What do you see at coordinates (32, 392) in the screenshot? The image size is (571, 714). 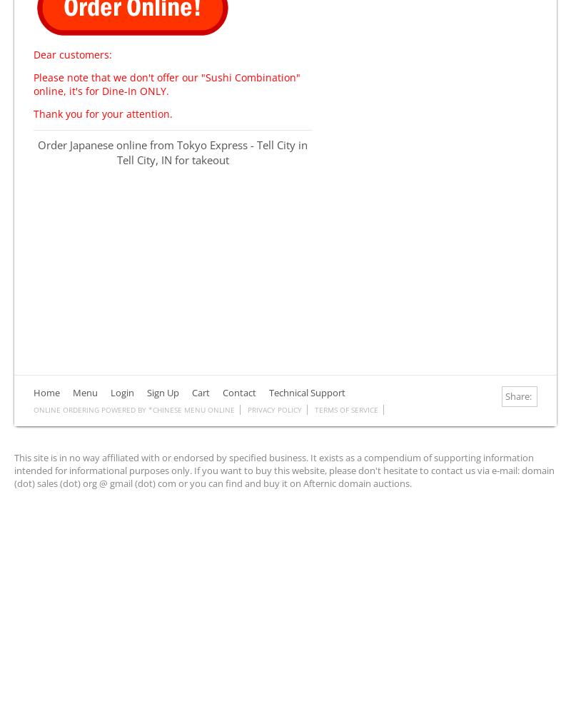 I see `'Home'` at bounding box center [32, 392].